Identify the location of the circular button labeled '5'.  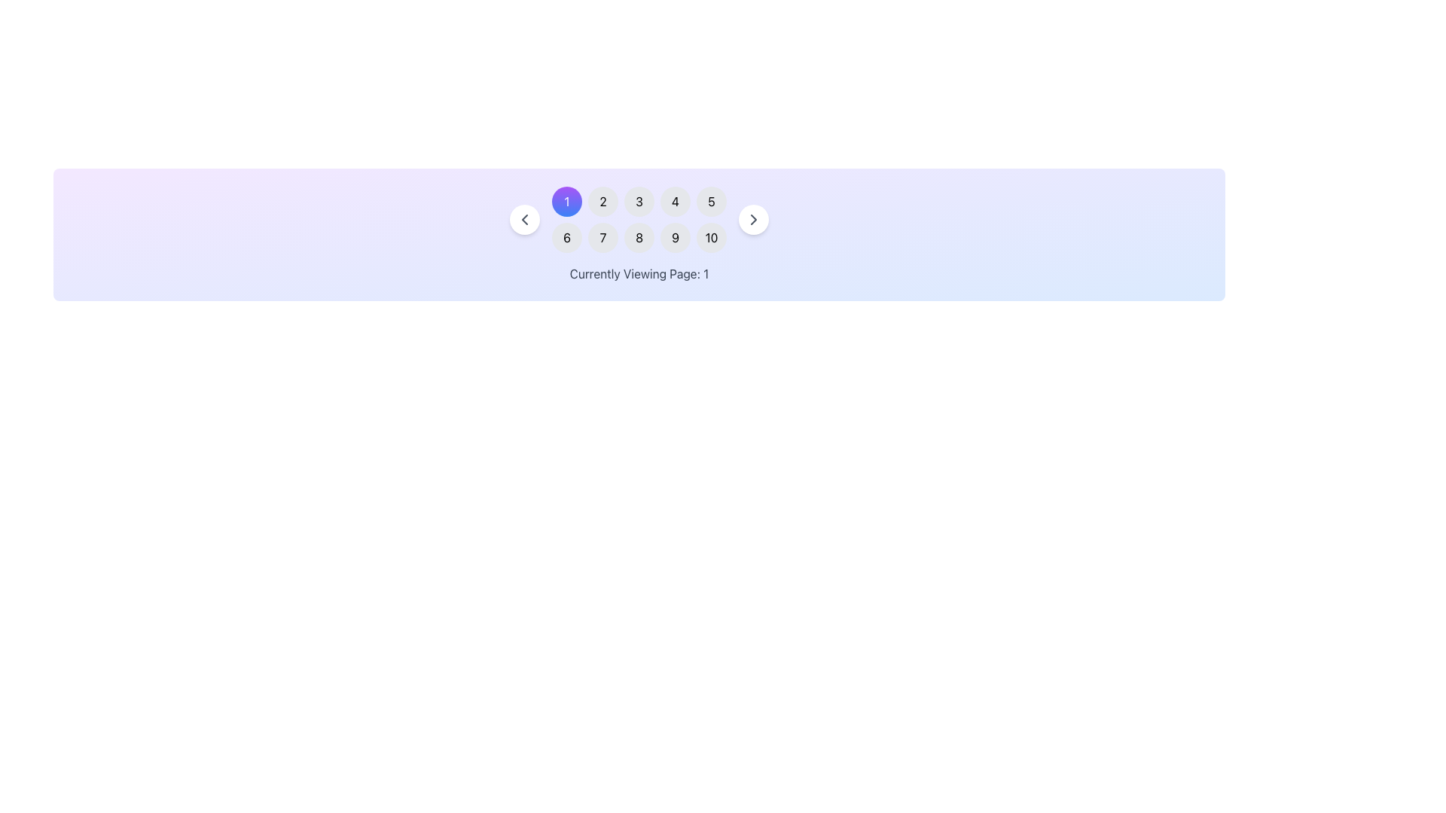
(711, 200).